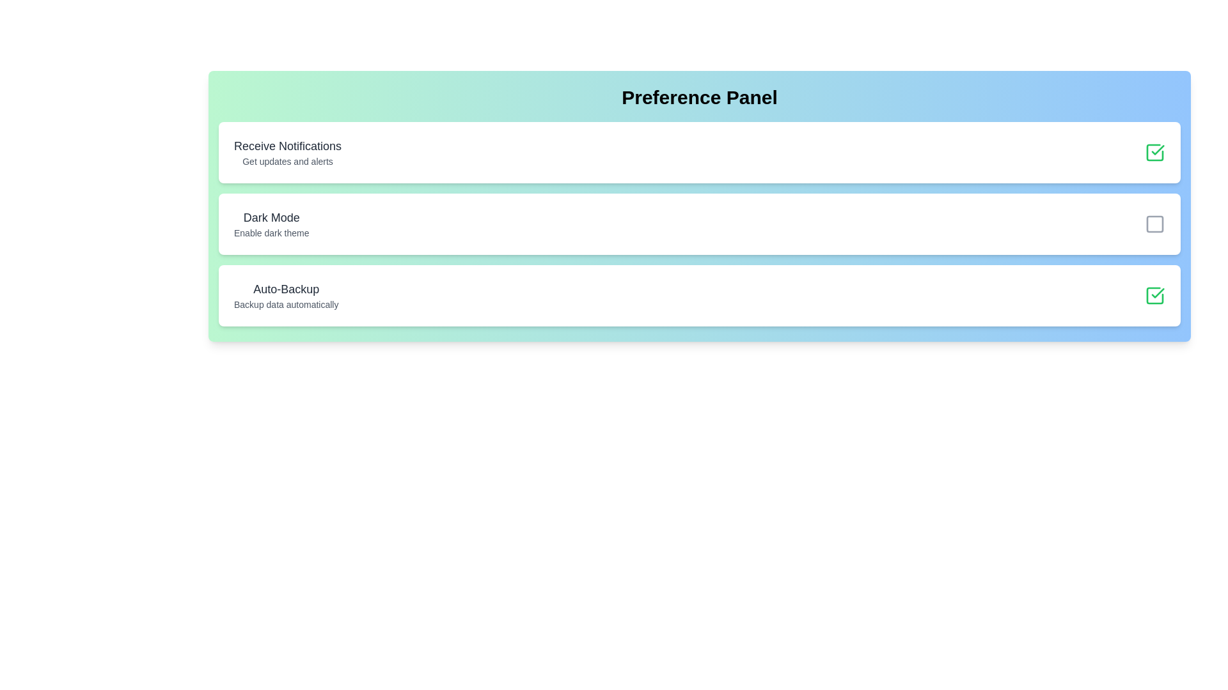 The height and width of the screenshot is (690, 1228). What do you see at coordinates (285, 295) in the screenshot?
I see `the text block containing the heading 'Auto-Backup' and subheading 'Backup data automatically', which is positioned inside the third white, rounded rectangle card in a vertical list` at bounding box center [285, 295].